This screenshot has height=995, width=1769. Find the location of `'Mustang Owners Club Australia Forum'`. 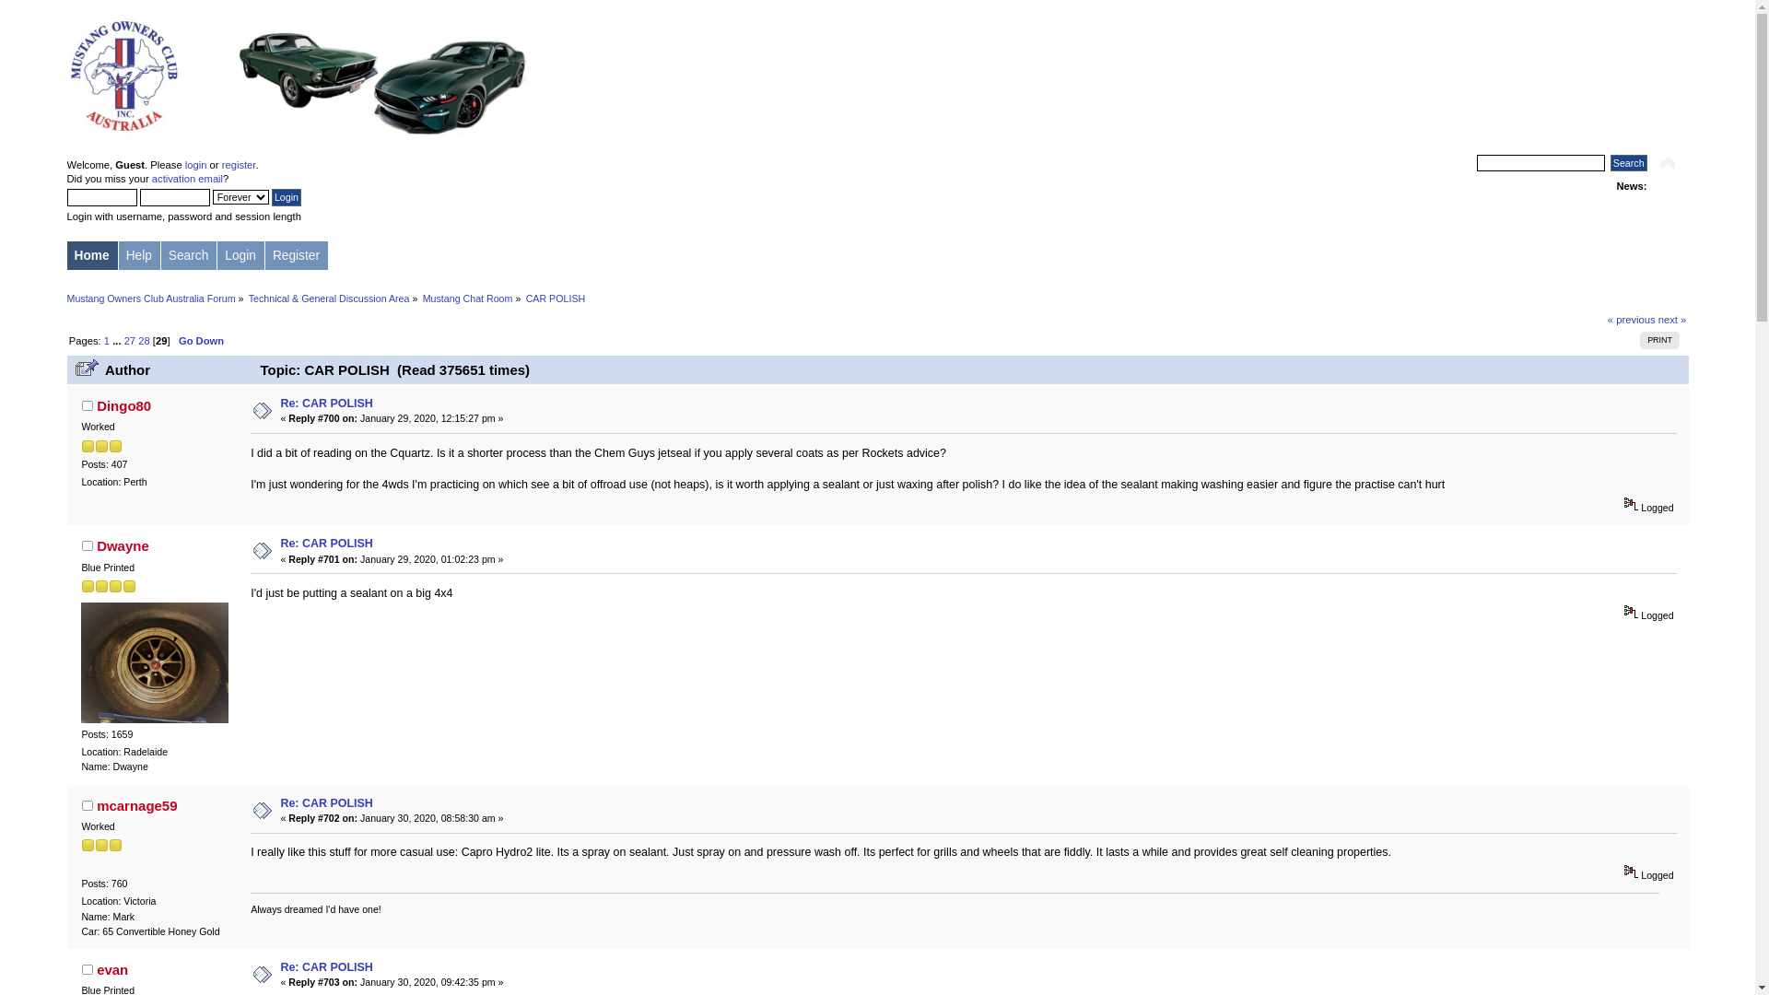

'Mustang Owners Club Australia Forum' is located at coordinates (150, 298).